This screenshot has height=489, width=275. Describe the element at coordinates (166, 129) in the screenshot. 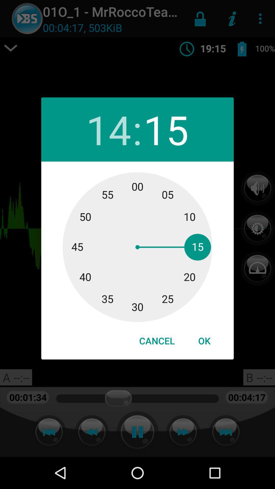

I see `item next to the :` at that location.